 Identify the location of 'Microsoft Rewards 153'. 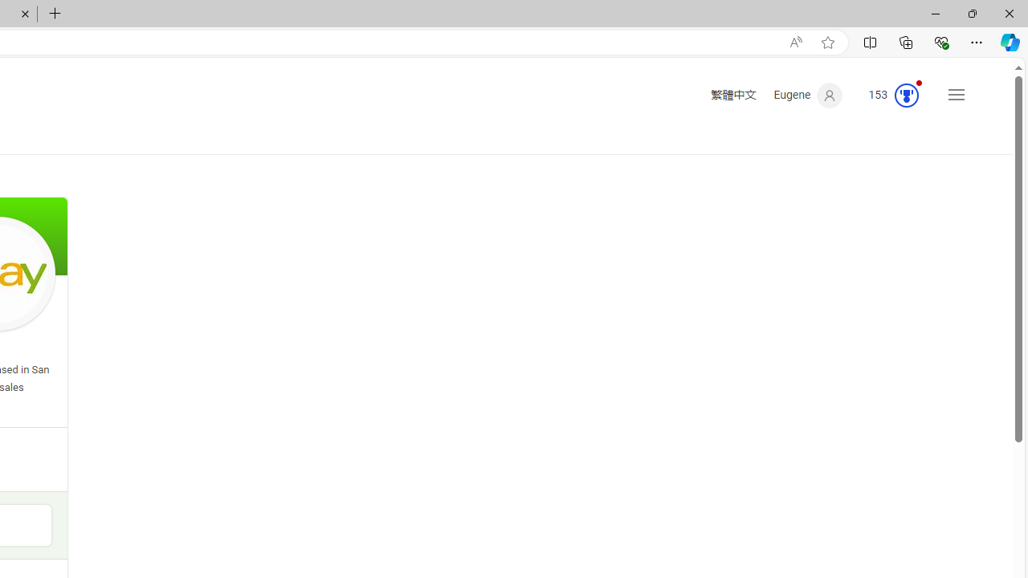
(887, 96).